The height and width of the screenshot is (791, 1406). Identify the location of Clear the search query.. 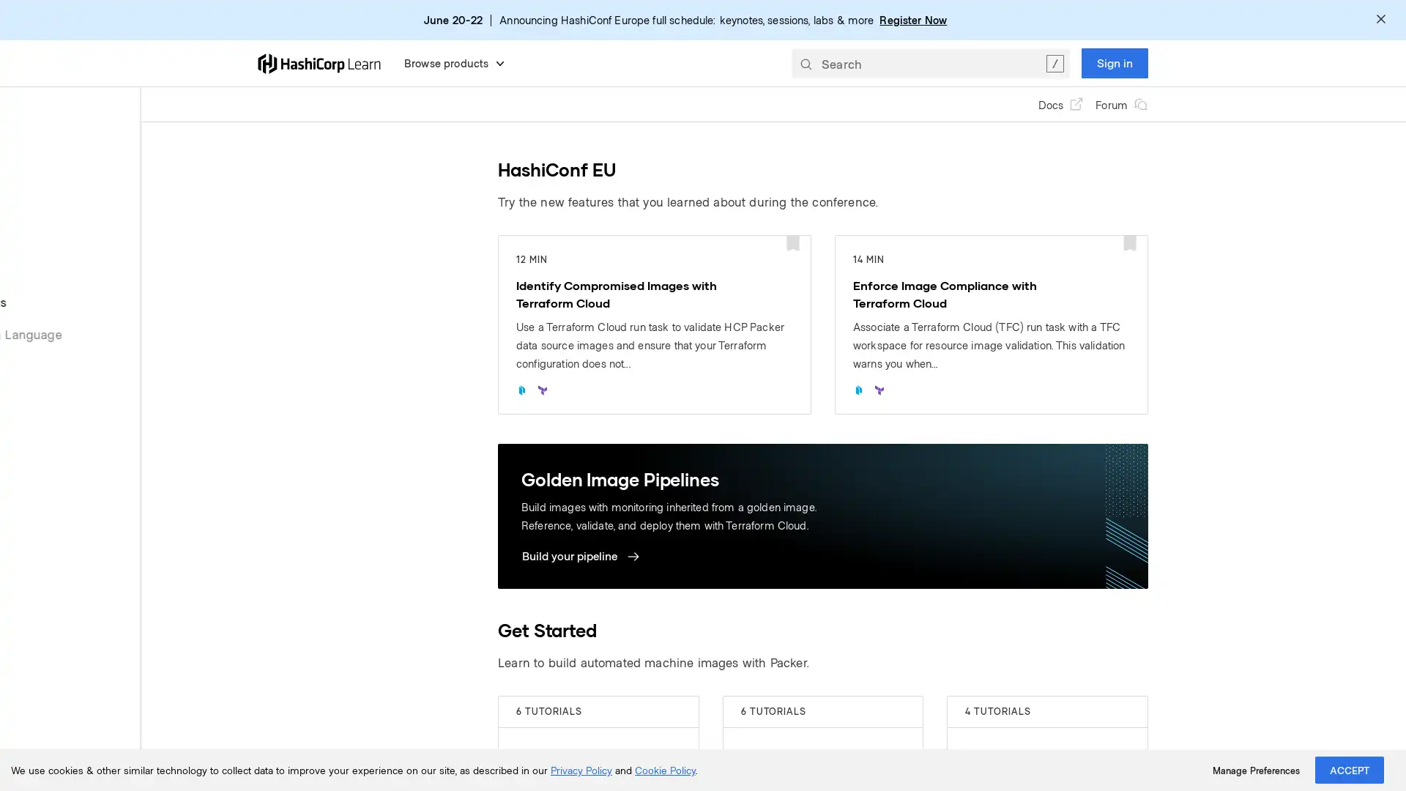
(1054, 62).